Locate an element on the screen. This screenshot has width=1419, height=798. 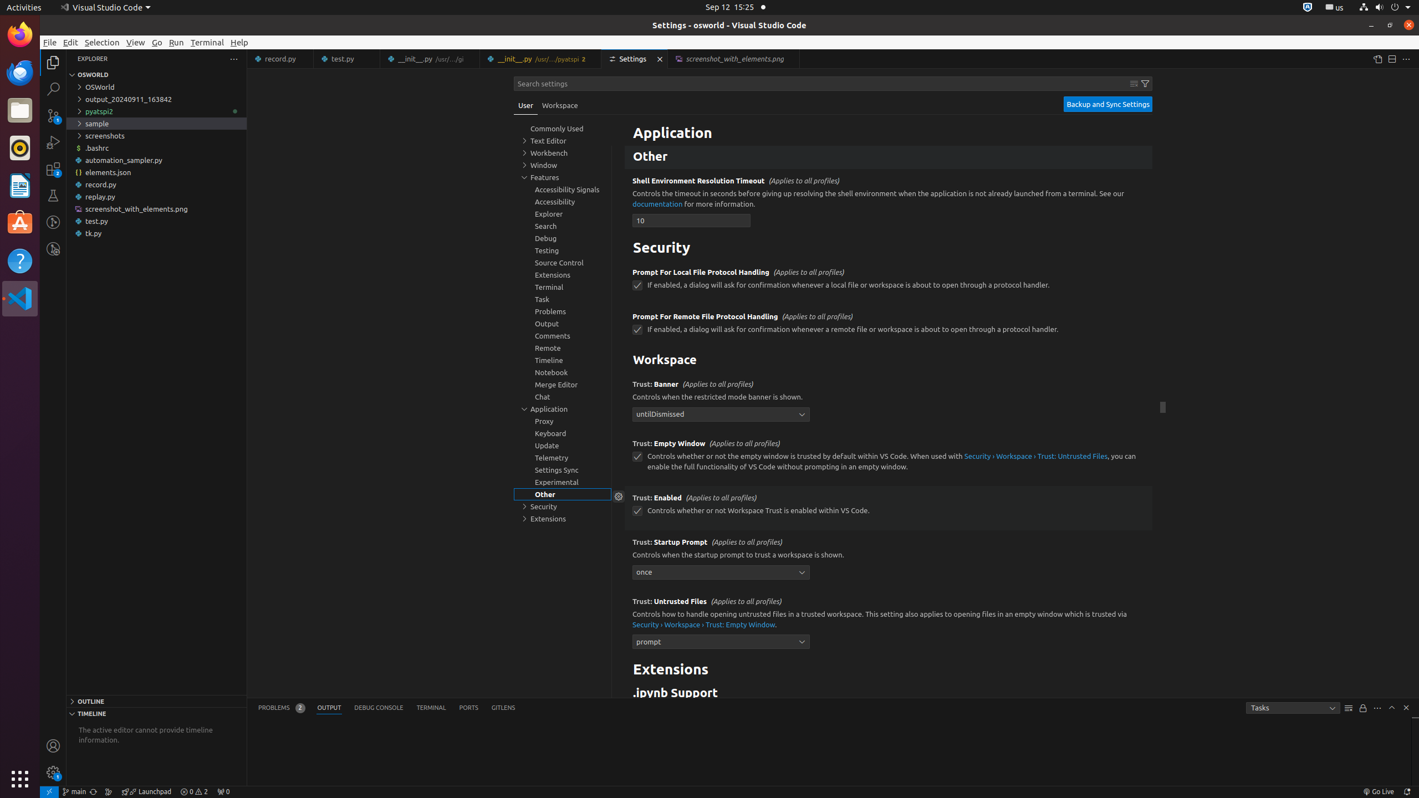
'Filter Settings' is located at coordinates (1144, 83).